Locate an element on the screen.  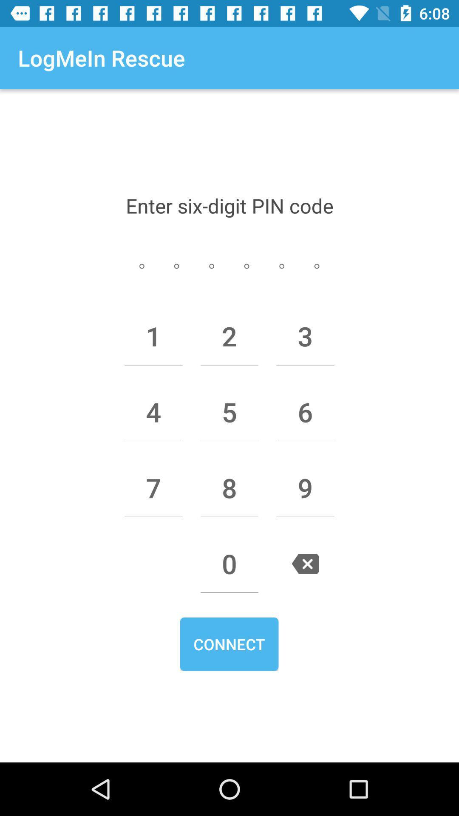
item next to the 8 is located at coordinates (153, 488).